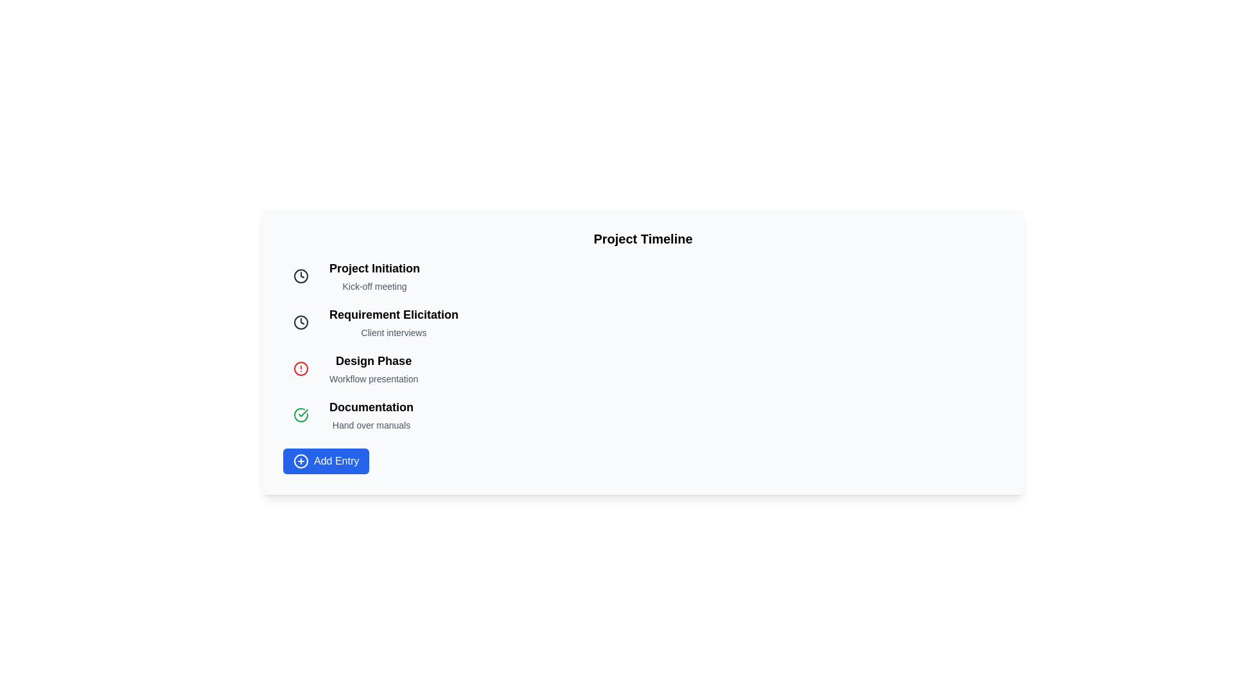  Describe the element at coordinates (301, 460) in the screenshot. I see `the interactive button labeled 'Add Entry' that contains a prominent white circle graphic on a blue background` at that location.